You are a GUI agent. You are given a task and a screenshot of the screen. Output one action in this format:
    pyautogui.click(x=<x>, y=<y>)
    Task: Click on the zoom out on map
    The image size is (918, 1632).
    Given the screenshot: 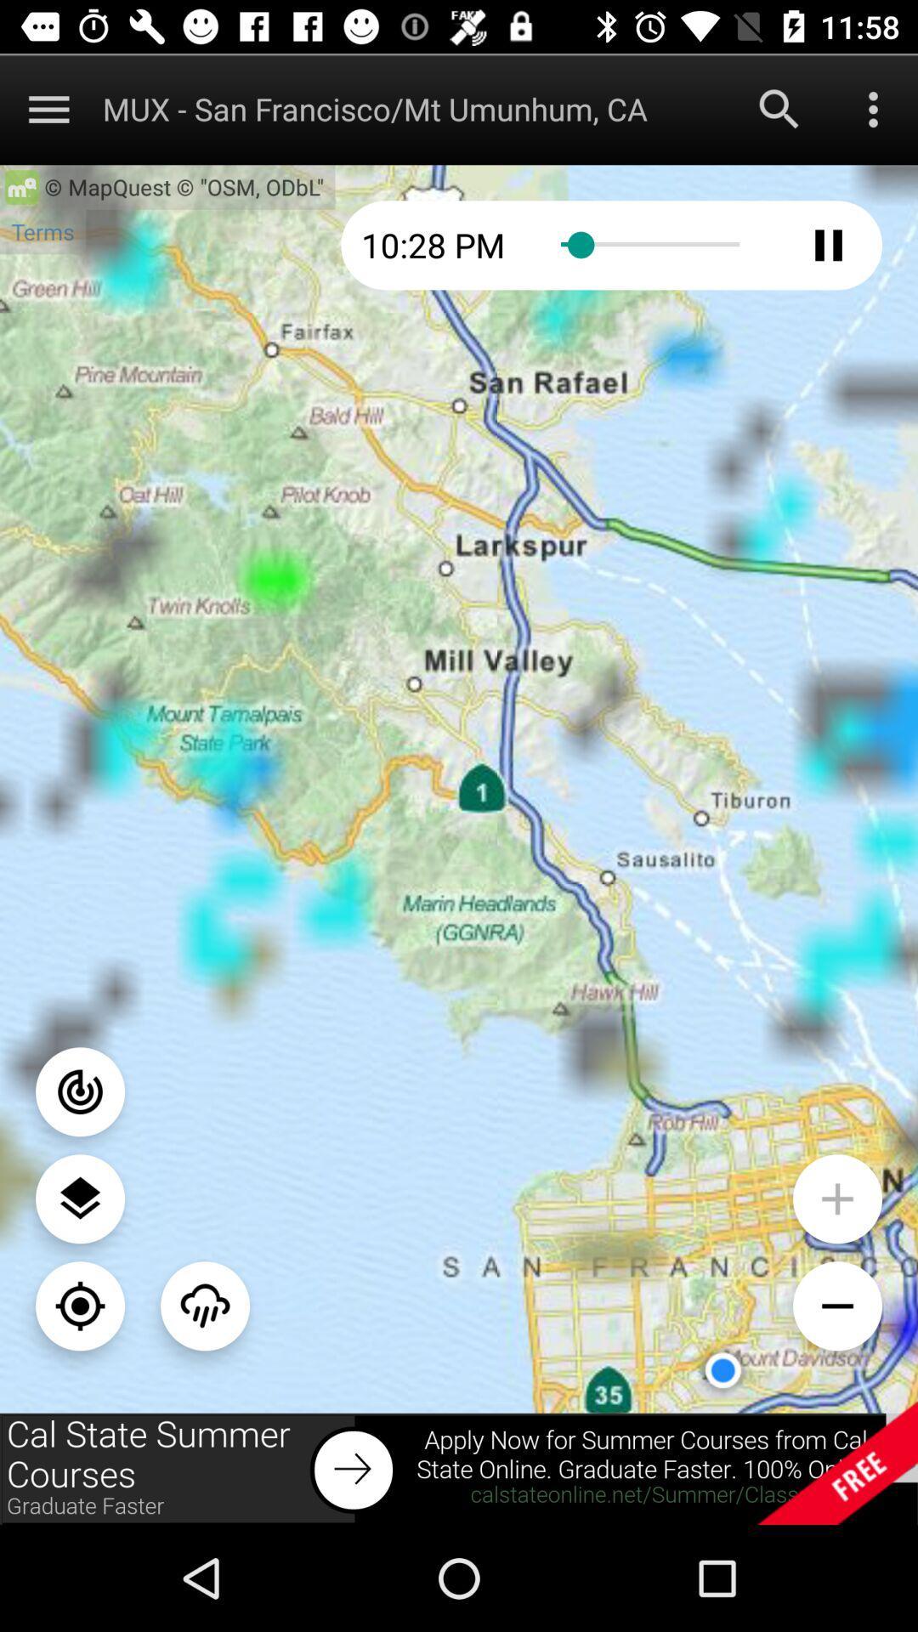 What is the action you would take?
    pyautogui.click(x=836, y=1305)
    